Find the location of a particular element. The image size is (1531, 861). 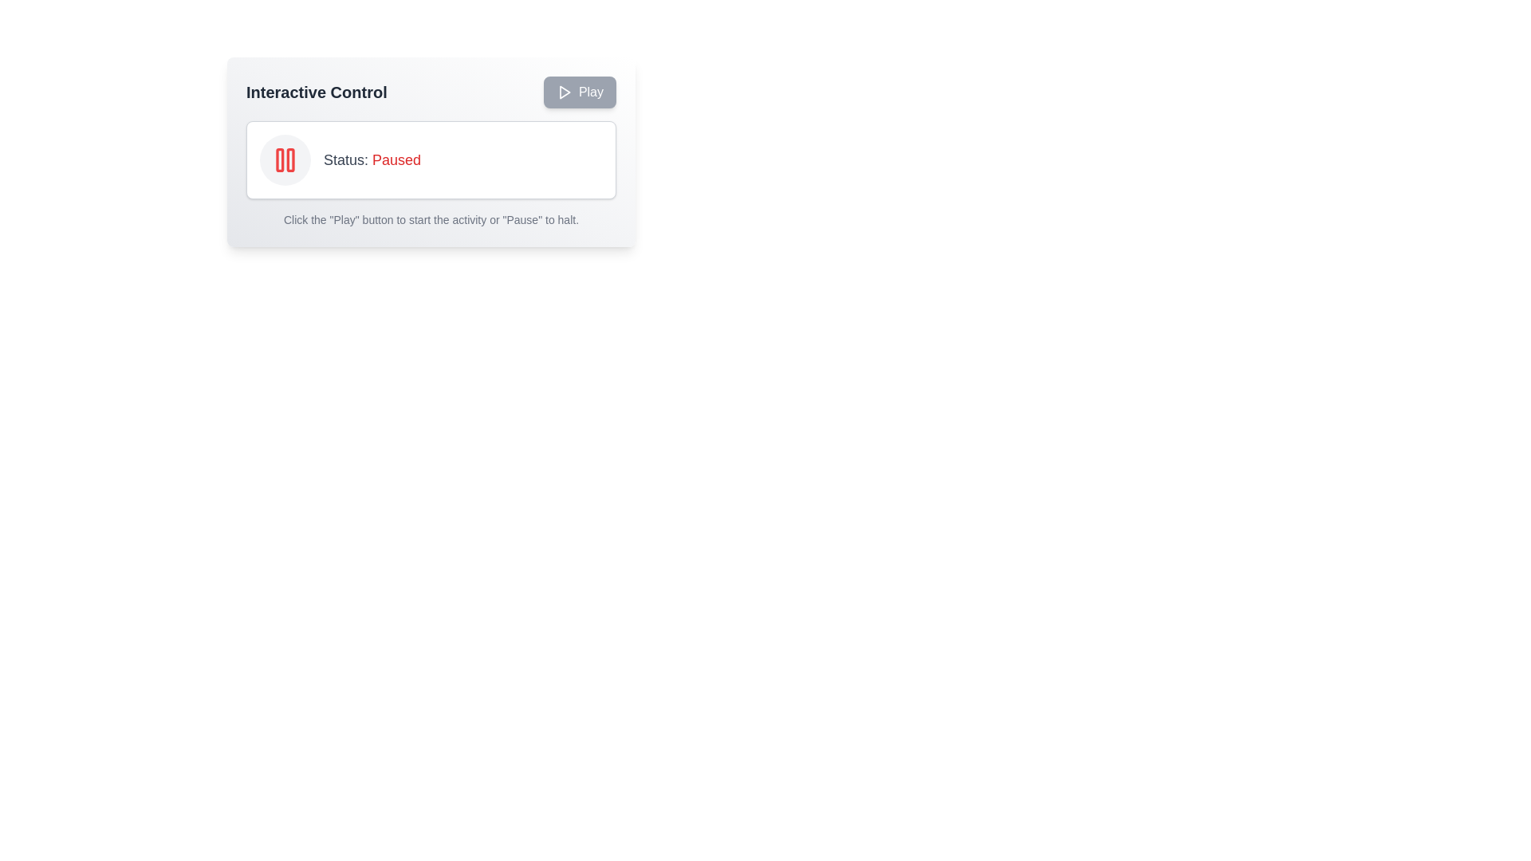

the 'Play' text label located on the gray rounded button that features a play icon on the left side is located at coordinates (590, 92).